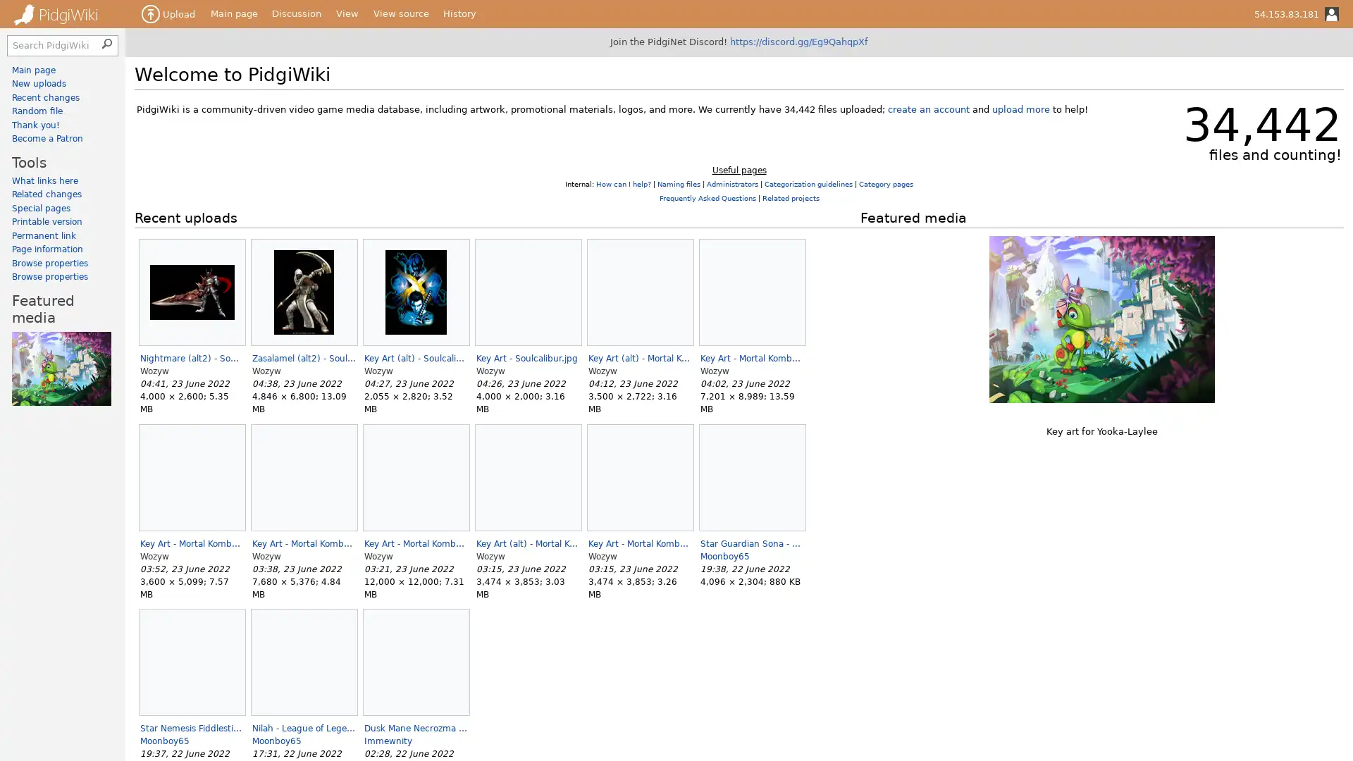  Describe the element at coordinates (108, 42) in the screenshot. I see `Search` at that location.